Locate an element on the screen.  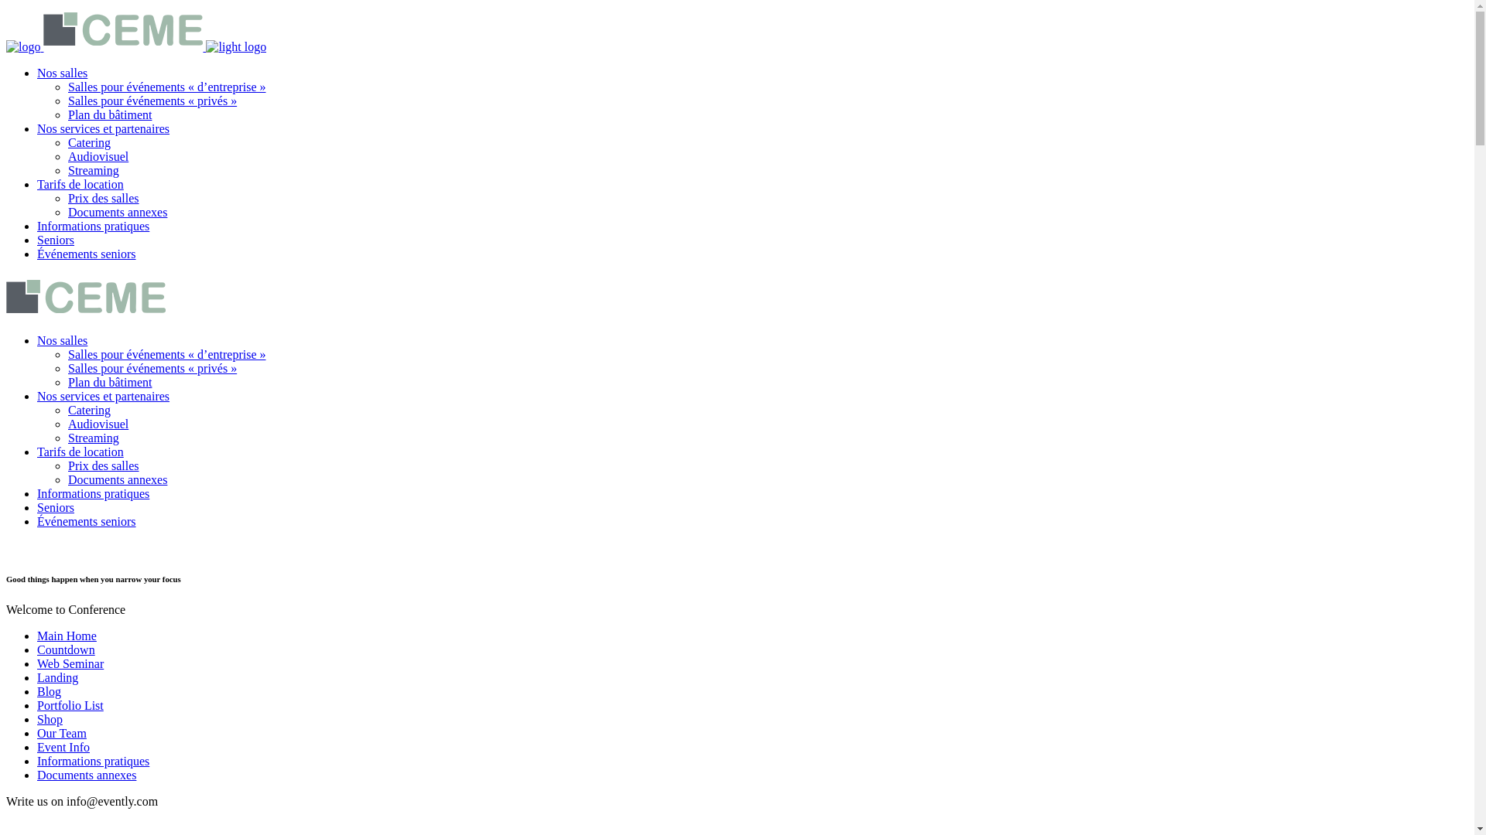
'Web Seminar' is located at coordinates (37, 663).